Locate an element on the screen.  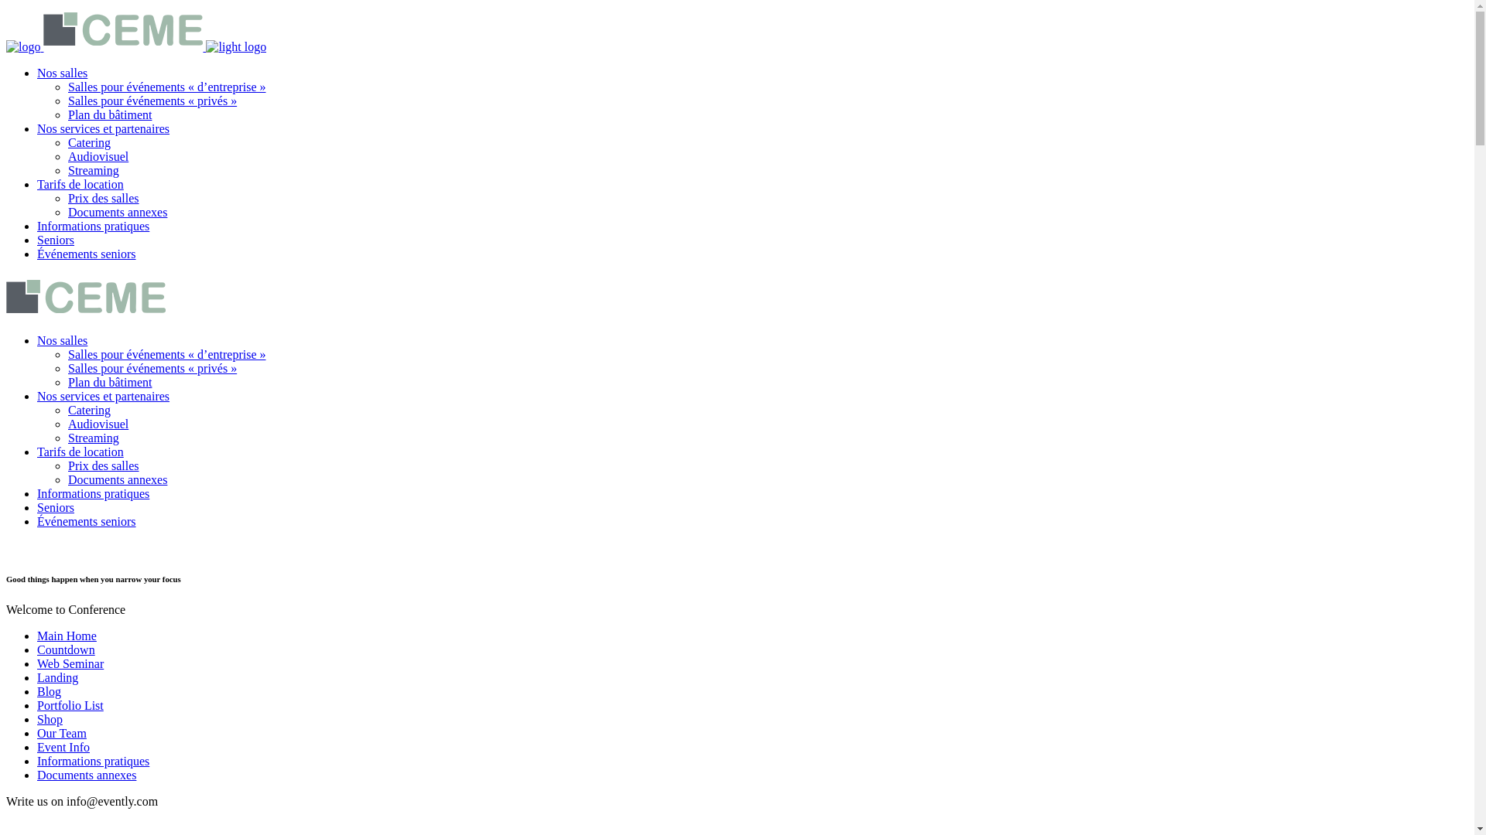
'Web Seminar' is located at coordinates (37, 663).